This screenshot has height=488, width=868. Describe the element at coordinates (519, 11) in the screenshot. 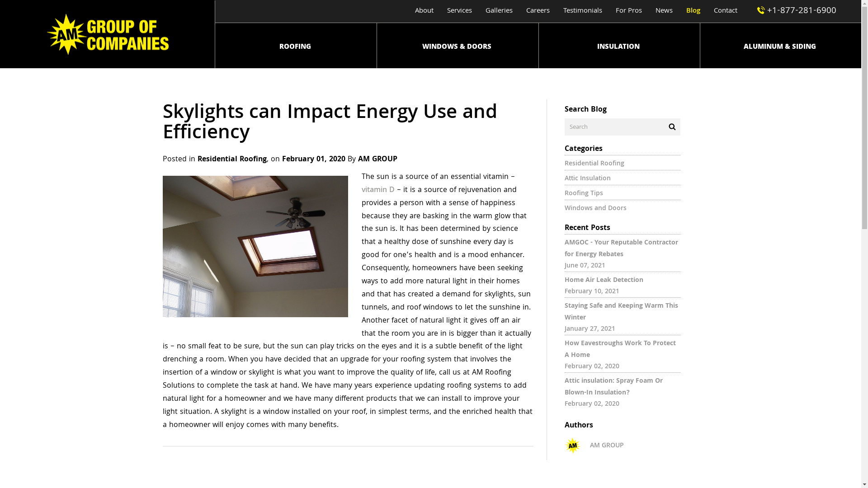

I see `'Careers'` at that location.